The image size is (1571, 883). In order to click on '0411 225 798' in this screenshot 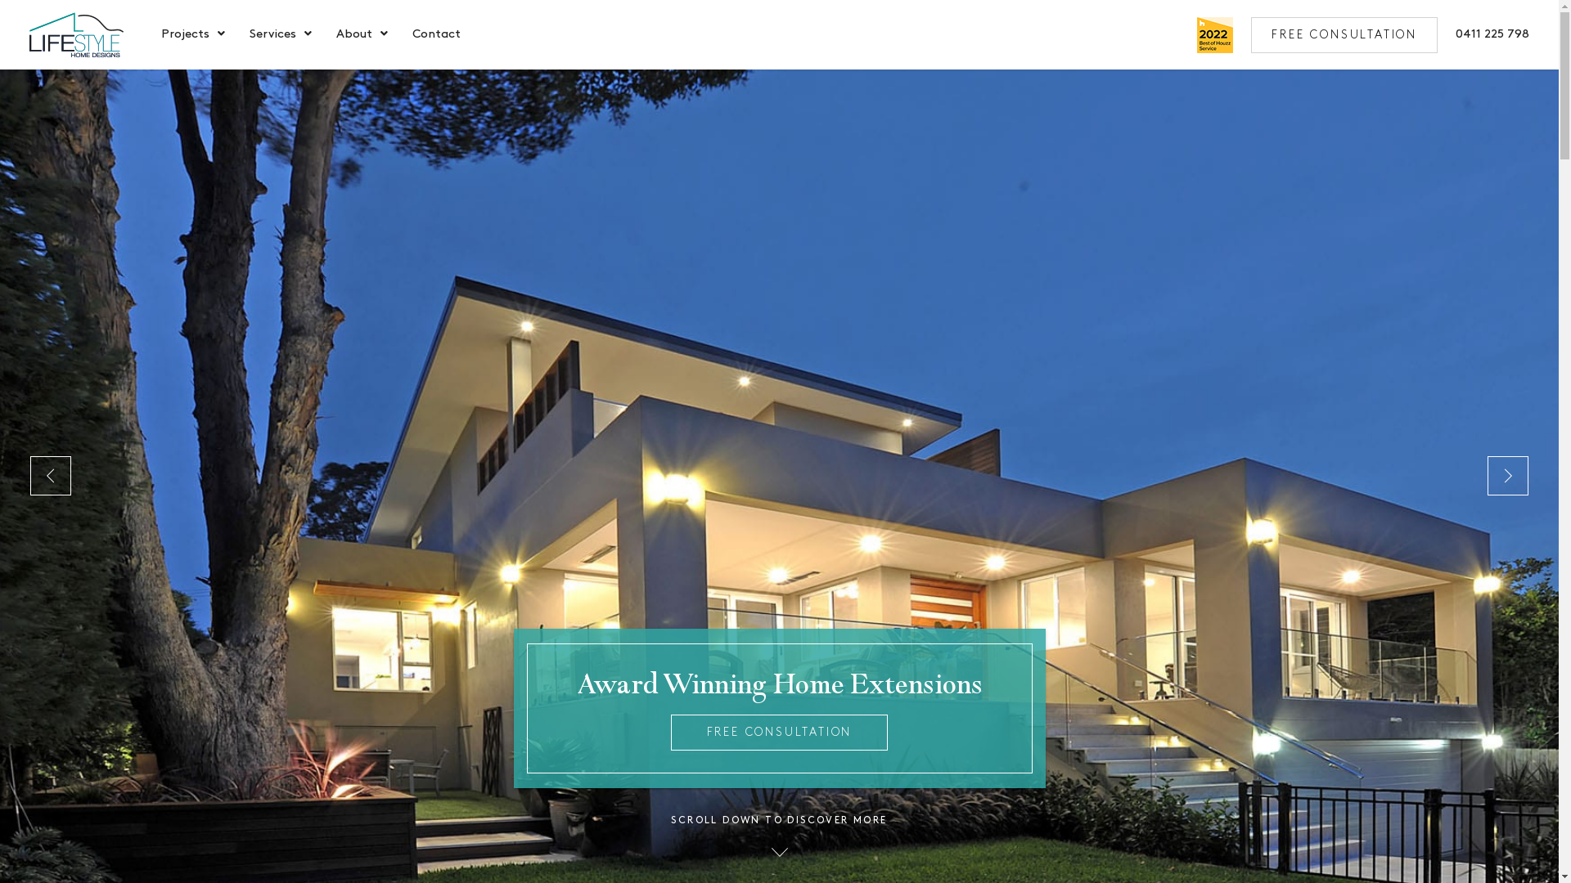, I will do `click(1492, 34)`.